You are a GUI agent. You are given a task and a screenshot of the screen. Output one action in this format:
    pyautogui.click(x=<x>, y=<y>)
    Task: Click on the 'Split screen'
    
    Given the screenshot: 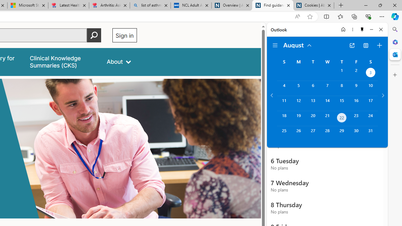 What is the action you would take?
    pyautogui.click(x=327, y=16)
    